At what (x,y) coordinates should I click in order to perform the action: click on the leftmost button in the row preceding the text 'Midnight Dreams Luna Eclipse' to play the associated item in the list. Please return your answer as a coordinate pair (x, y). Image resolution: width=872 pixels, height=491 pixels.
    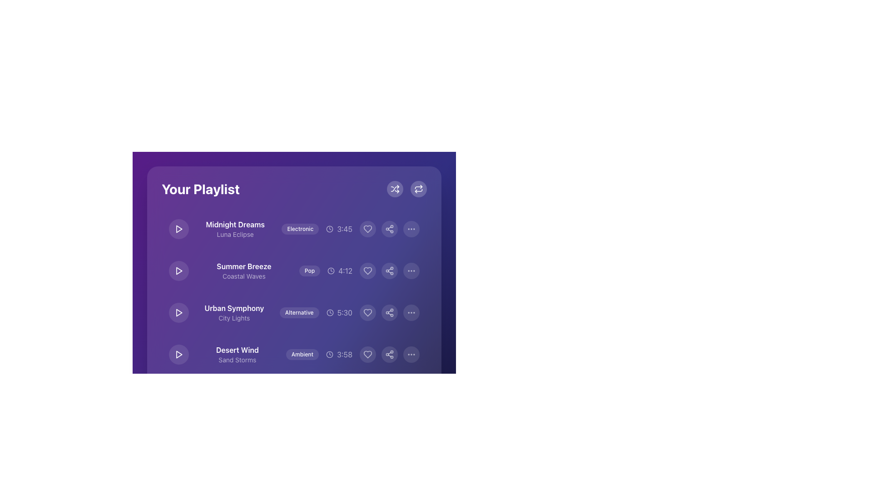
    Looking at the image, I should click on (178, 229).